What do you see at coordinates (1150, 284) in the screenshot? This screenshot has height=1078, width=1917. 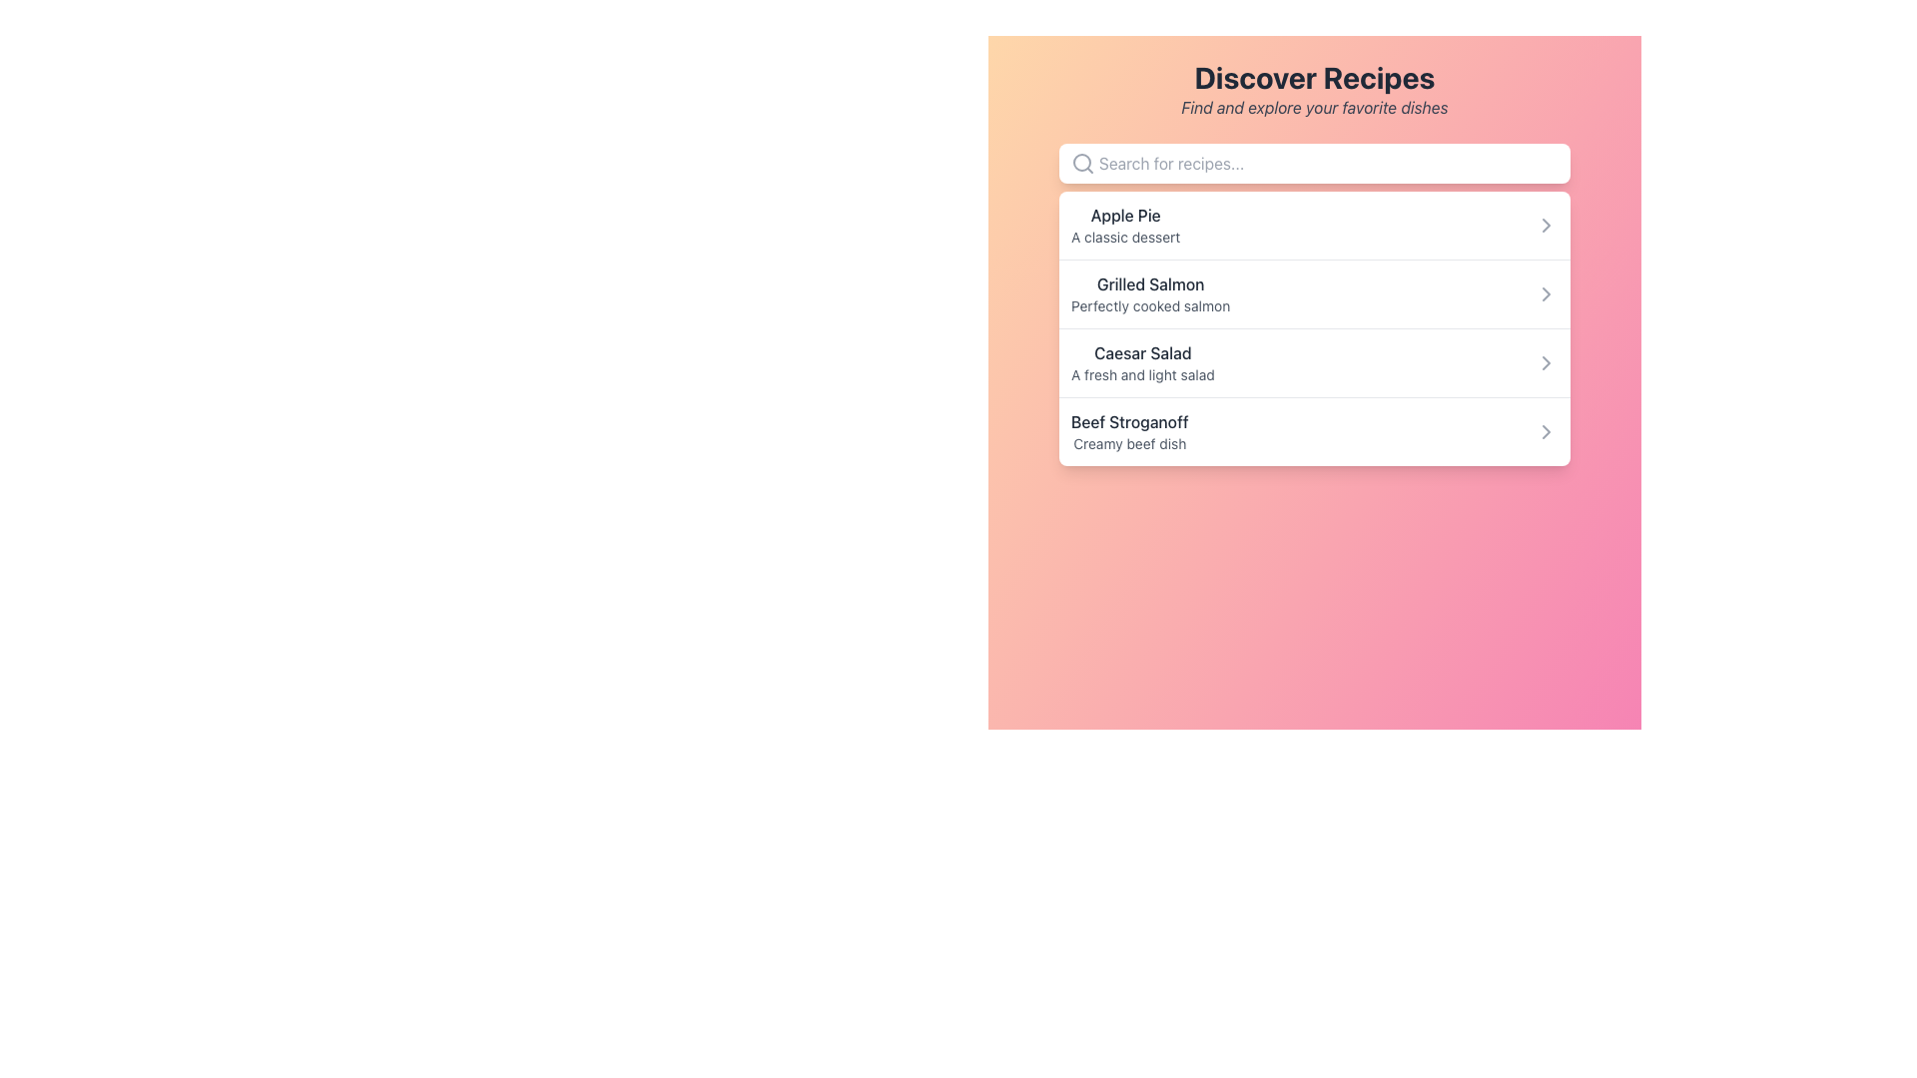 I see `text label of the second list item titled 'Grilled Salmon', which serves as the main identifier for this recipe` at bounding box center [1150, 284].